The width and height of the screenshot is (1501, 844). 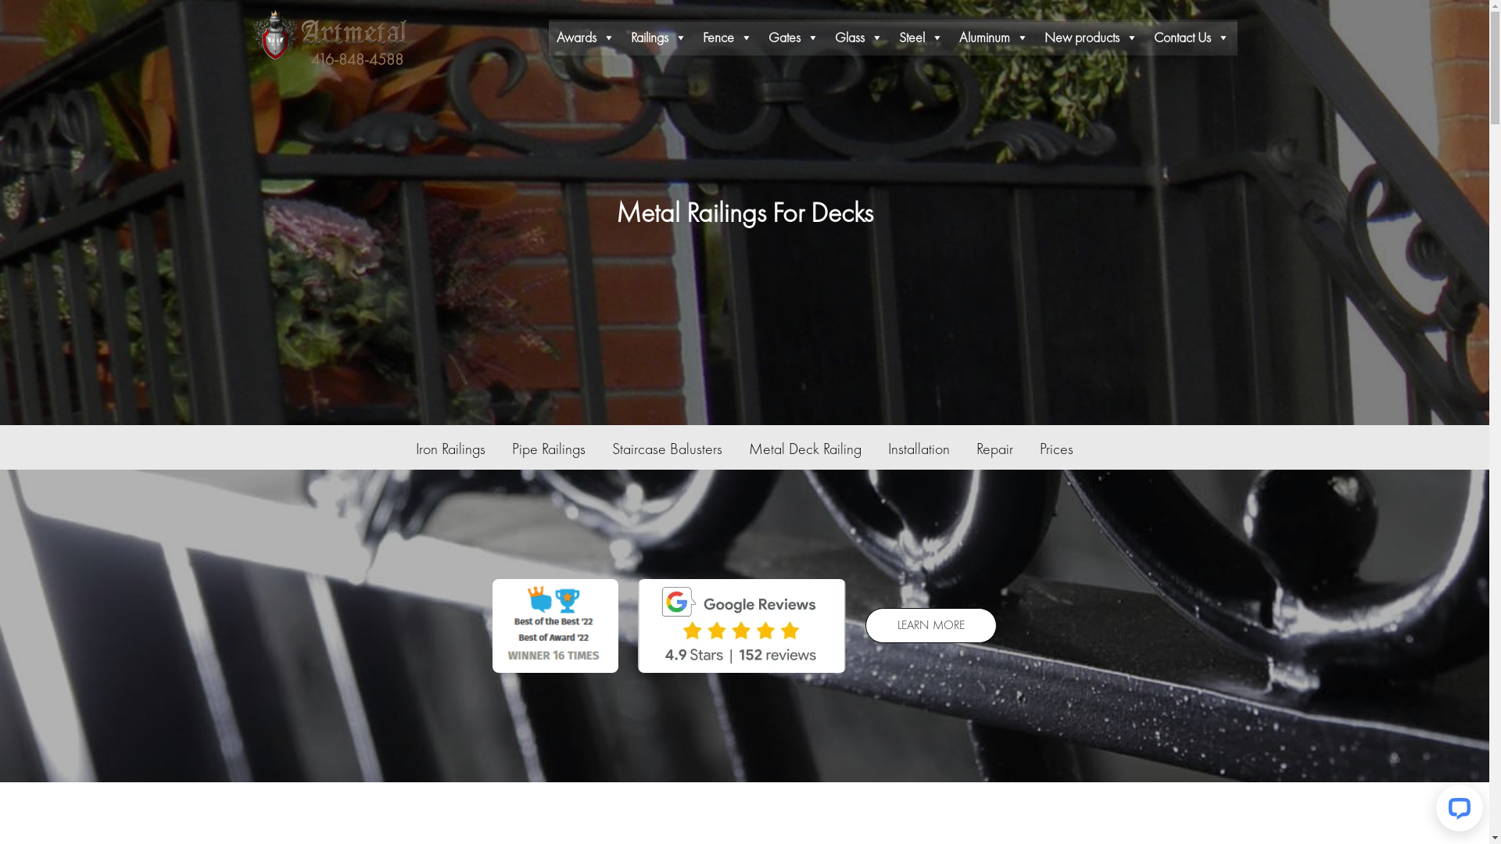 What do you see at coordinates (994, 449) in the screenshot?
I see `'Repair'` at bounding box center [994, 449].